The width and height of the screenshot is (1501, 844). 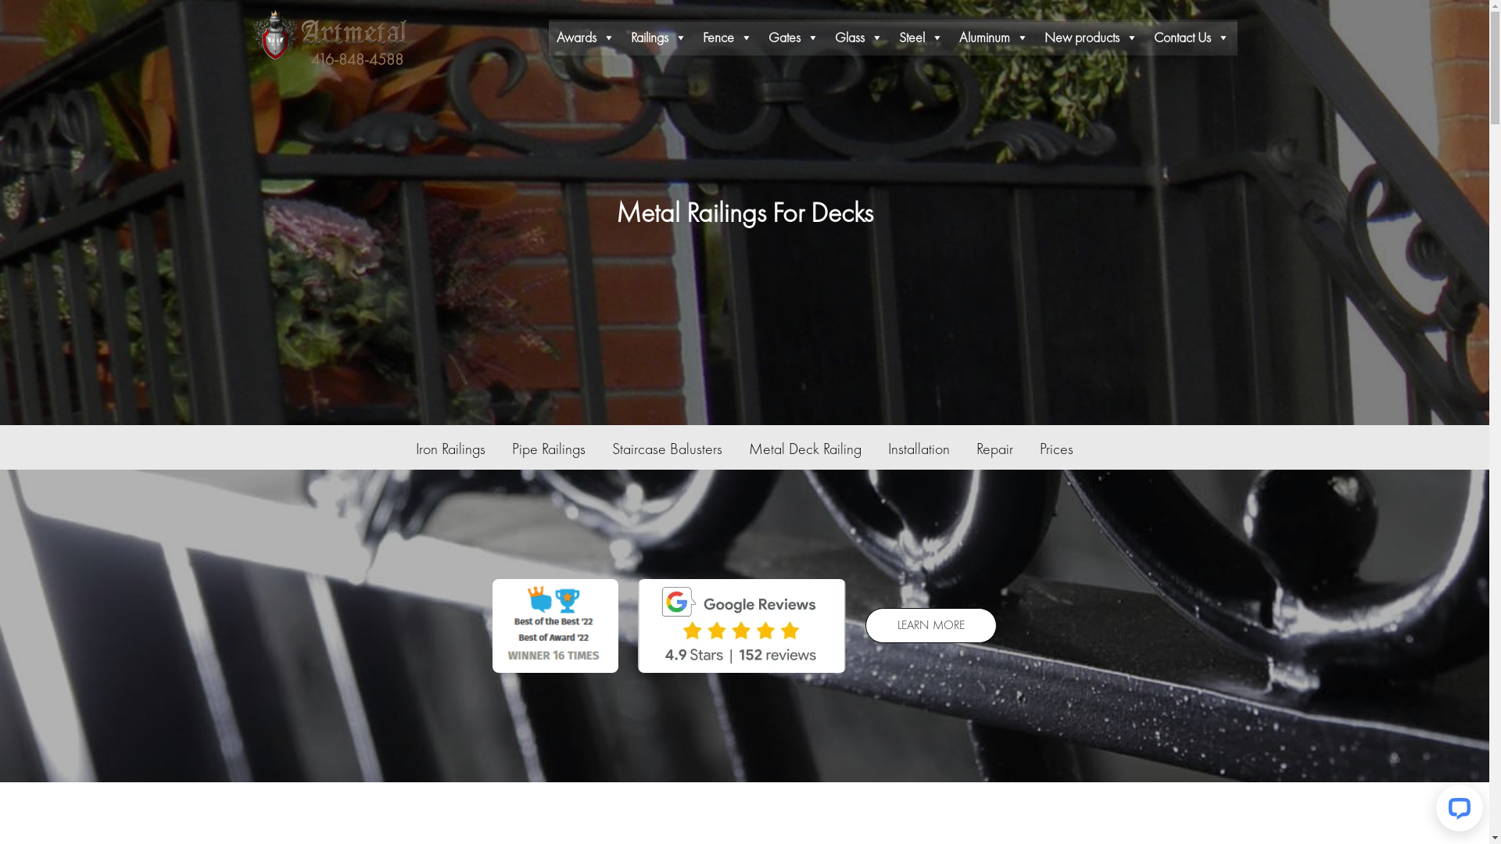 What do you see at coordinates (994, 449) in the screenshot?
I see `'Repair'` at bounding box center [994, 449].